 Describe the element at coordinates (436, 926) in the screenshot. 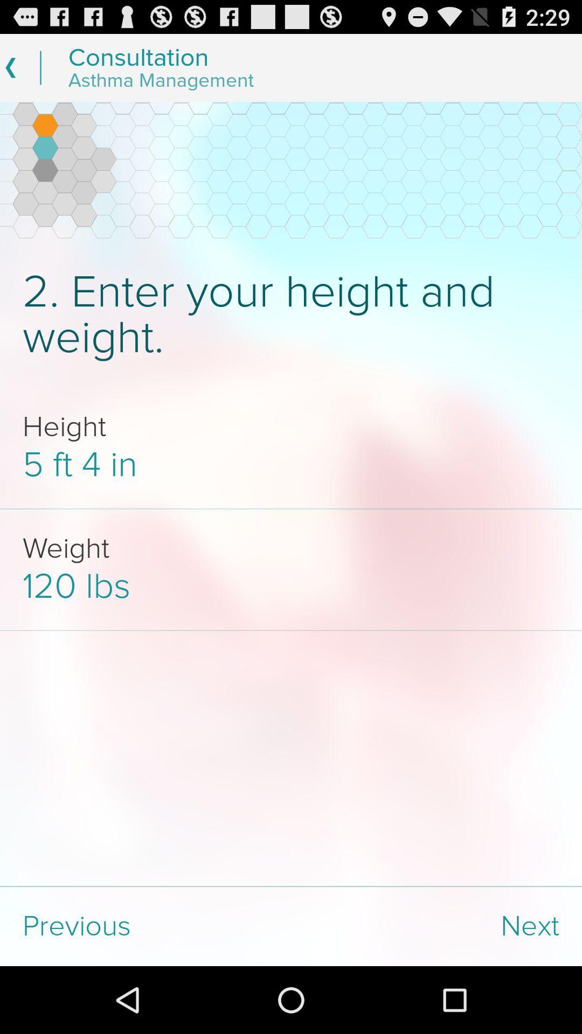

I see `the icon next to previous item` at that location.